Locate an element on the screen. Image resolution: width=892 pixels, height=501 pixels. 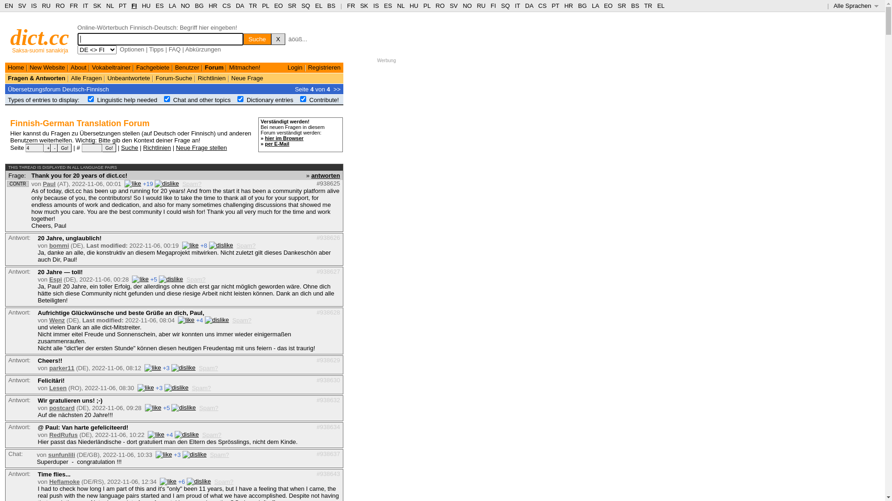
'Go!' is located at coordinates (102, 148).